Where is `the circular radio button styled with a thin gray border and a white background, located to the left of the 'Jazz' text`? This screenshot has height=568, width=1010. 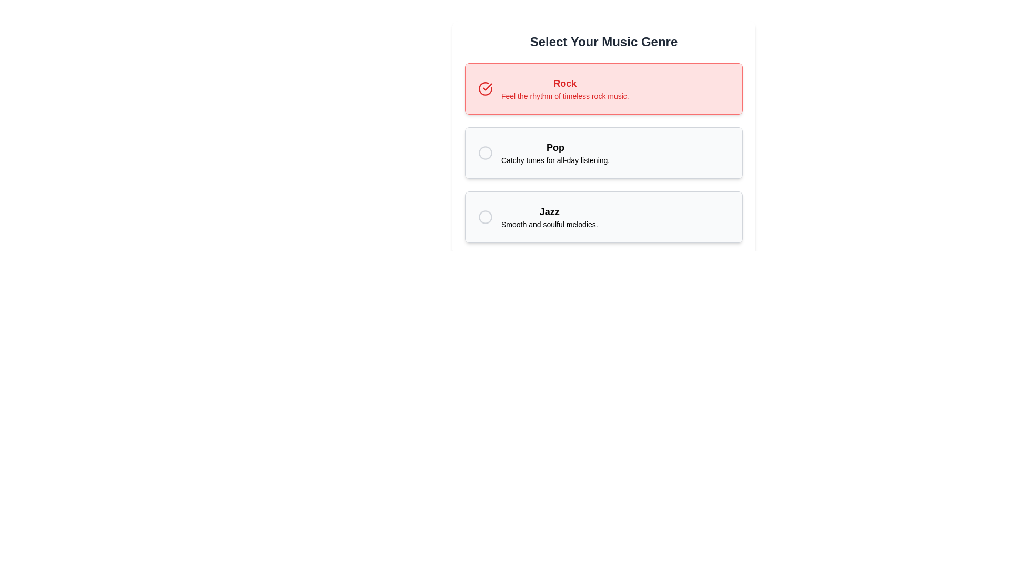 the circular radio button styled with a thin gray border and a white background, located to the left of the 'Jazz' text is located at coordinates (484, 216).